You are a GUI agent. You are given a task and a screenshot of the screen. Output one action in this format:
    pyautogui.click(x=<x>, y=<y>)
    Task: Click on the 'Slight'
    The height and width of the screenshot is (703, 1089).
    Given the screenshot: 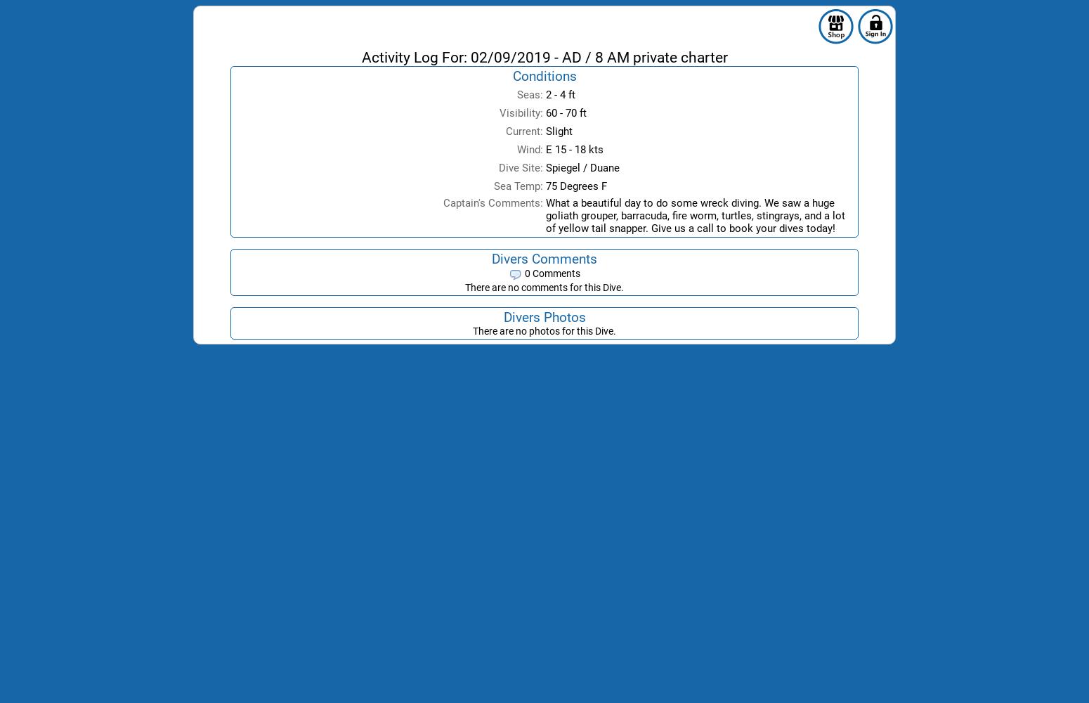 What is the action you would take?
    pyautogui.click(x=558, y=131)
    